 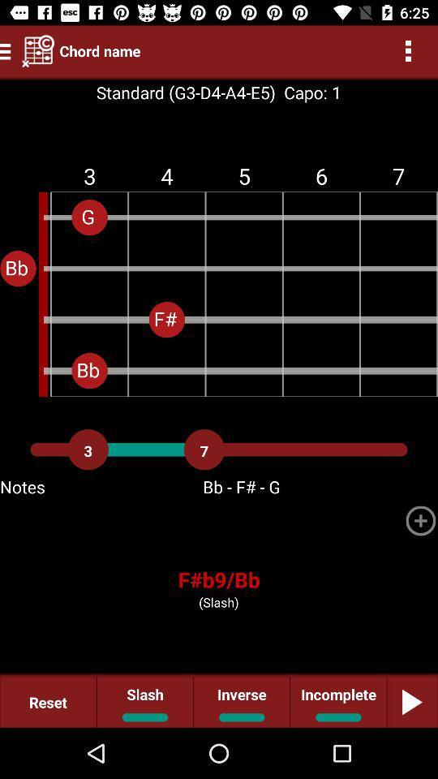 What do you see at coordinates (185, 93) in the screenshot?
I see `icon to the left of the   capo: 1 icon` at bounding box center [185, 93].